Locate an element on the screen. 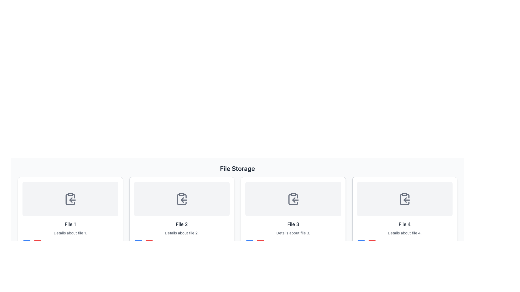 The image size is (520, 292). the clipboard icon with a document and leftward arrow located in the top section of the 'File 1' card is located at coordinates (70, 199).